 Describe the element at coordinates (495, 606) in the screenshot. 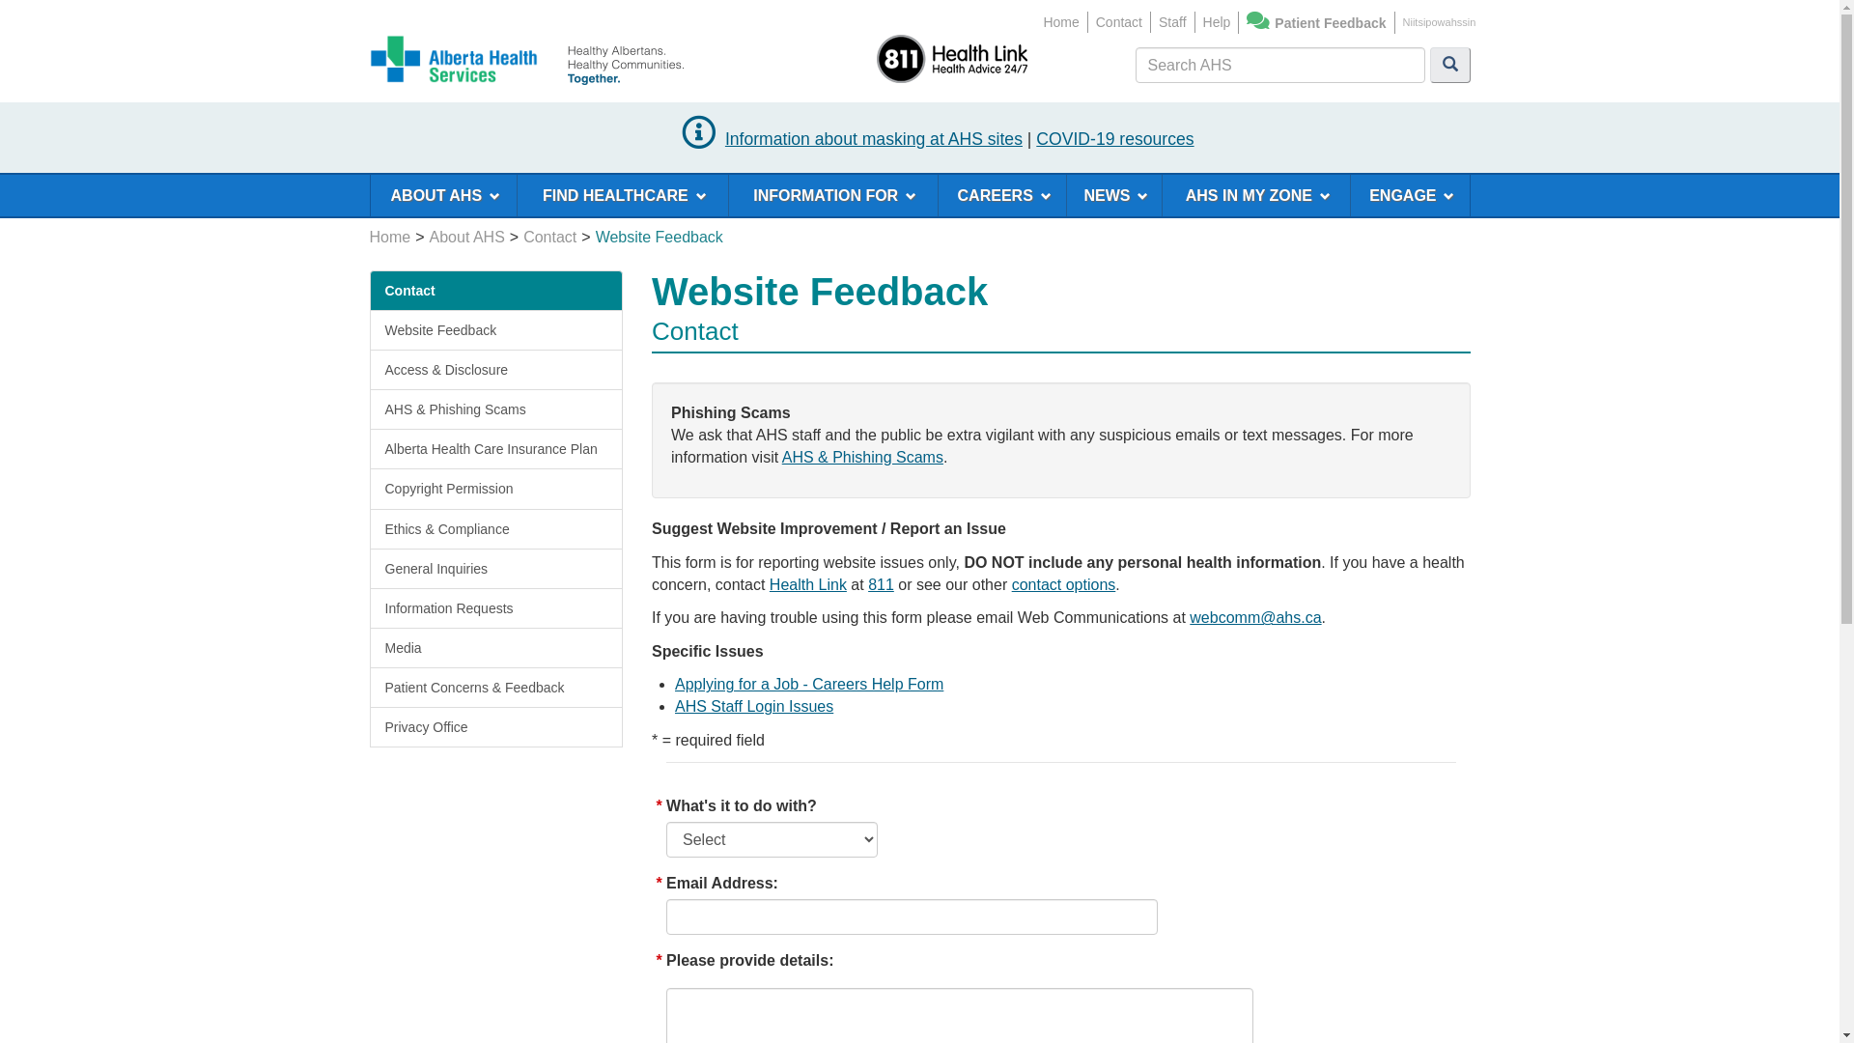

I see `'Information Requests'` at that location.